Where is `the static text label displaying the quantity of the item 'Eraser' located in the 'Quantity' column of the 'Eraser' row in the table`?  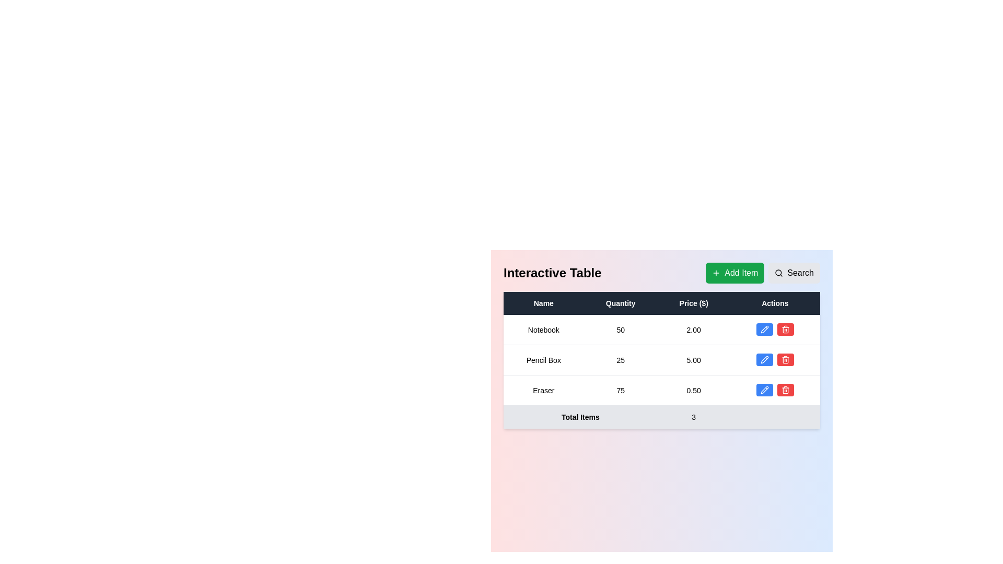 the static text label displaying the quantity of the item 'Eraser' located in the 'Quantity' column of the 'Eraser' row in the table is located at coordinates (621, 390).